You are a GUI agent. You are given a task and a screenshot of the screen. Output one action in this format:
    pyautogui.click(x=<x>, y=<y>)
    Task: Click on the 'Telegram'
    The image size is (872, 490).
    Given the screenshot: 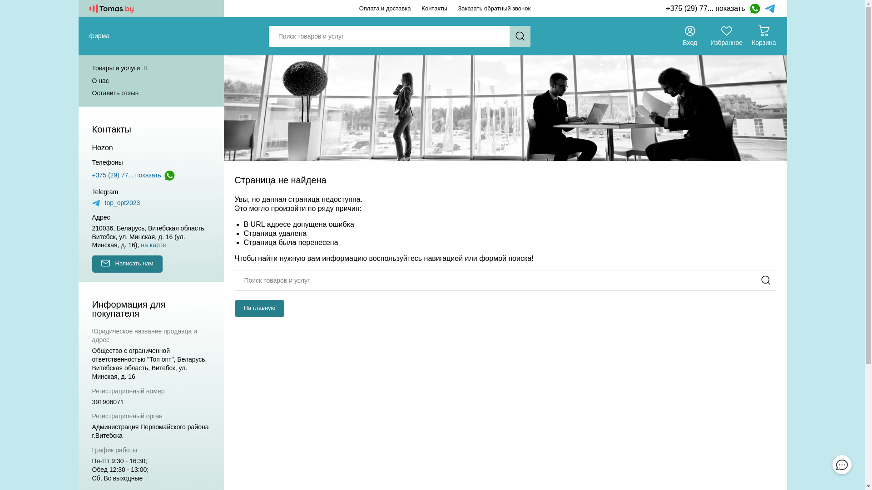 What is the action you would take?
    pyautogui.click(x=769, y=9)
    